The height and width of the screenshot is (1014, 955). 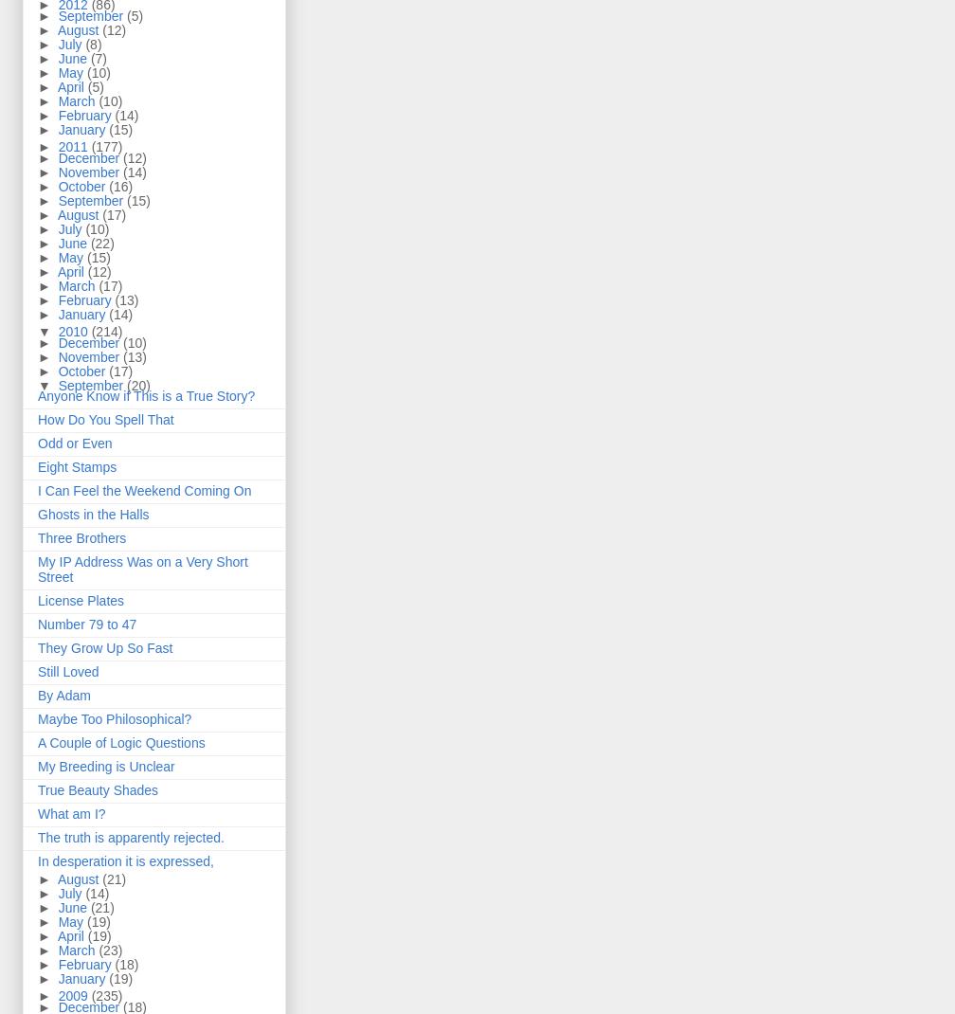 I want to click on 'They Grow Up So Fast', so click(x=38, y=648).